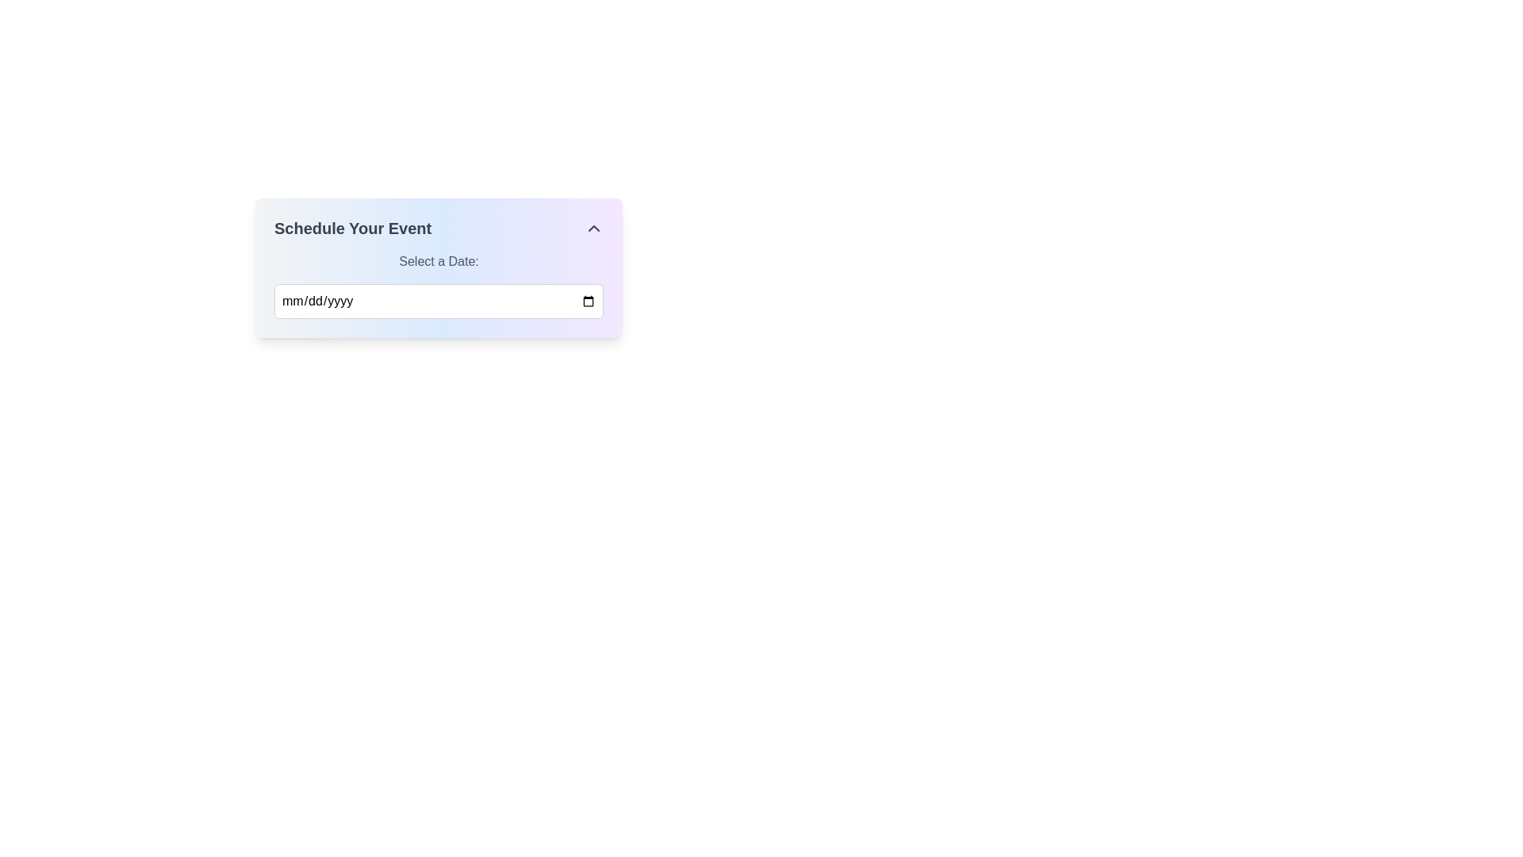 This screenshot has width=1523, height=857. I want to click on the button with an icon located at the top-right corner of the 'Schedule Your Event' section, so click(593, 229).